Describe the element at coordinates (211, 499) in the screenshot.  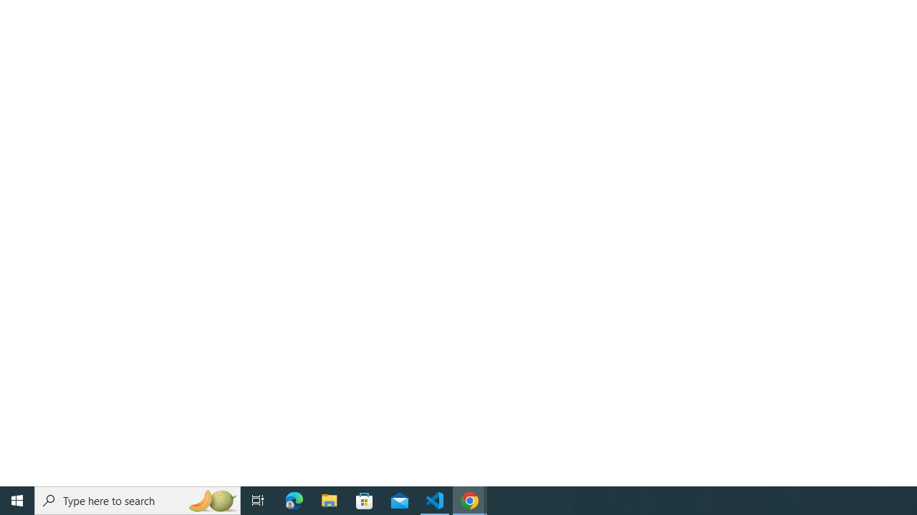
I see `'Search highlights icon opens search home window'` at that location.